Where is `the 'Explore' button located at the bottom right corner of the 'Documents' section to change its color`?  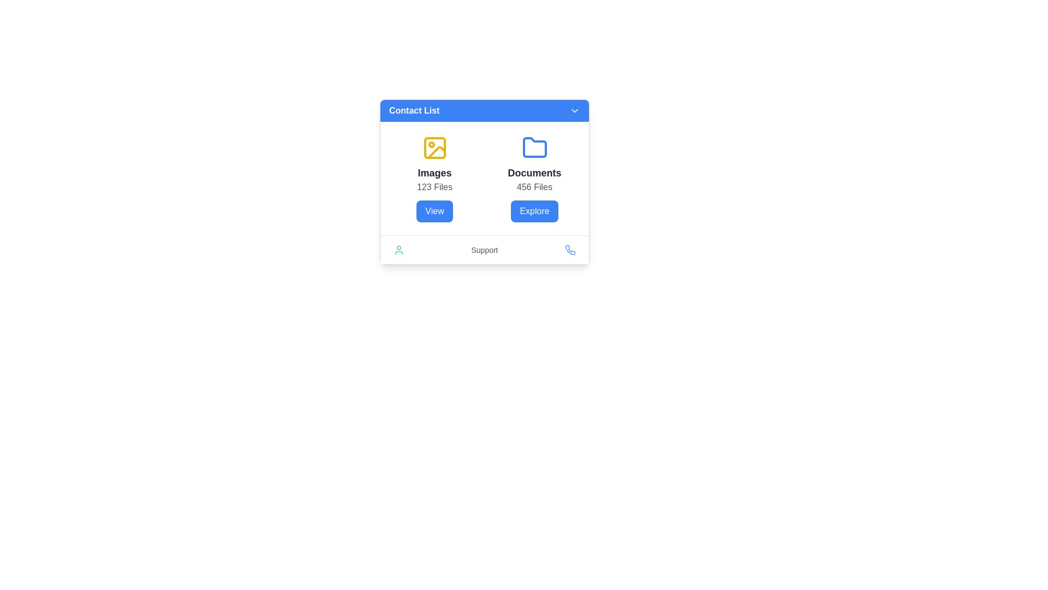 the 'Explore' button located at the bottom right corner of the 'Documents' section to change its color is located at coordinates (534, 211).